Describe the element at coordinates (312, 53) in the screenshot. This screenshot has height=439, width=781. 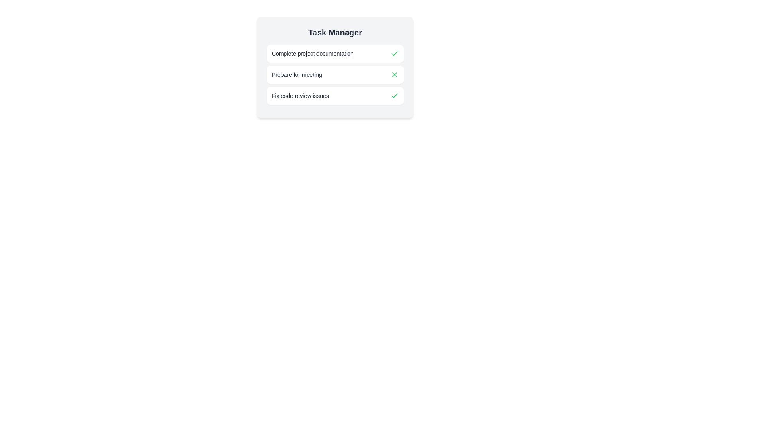
I see `the text label displaying 'Complete project documentation' which is located at the top of the task card in the 'Task Manager' list` at that location.